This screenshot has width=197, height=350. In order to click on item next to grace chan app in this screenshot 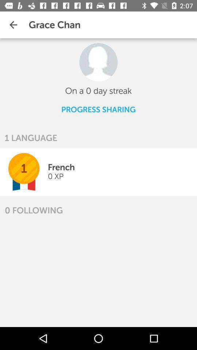, I will do `click(13, 25)`.